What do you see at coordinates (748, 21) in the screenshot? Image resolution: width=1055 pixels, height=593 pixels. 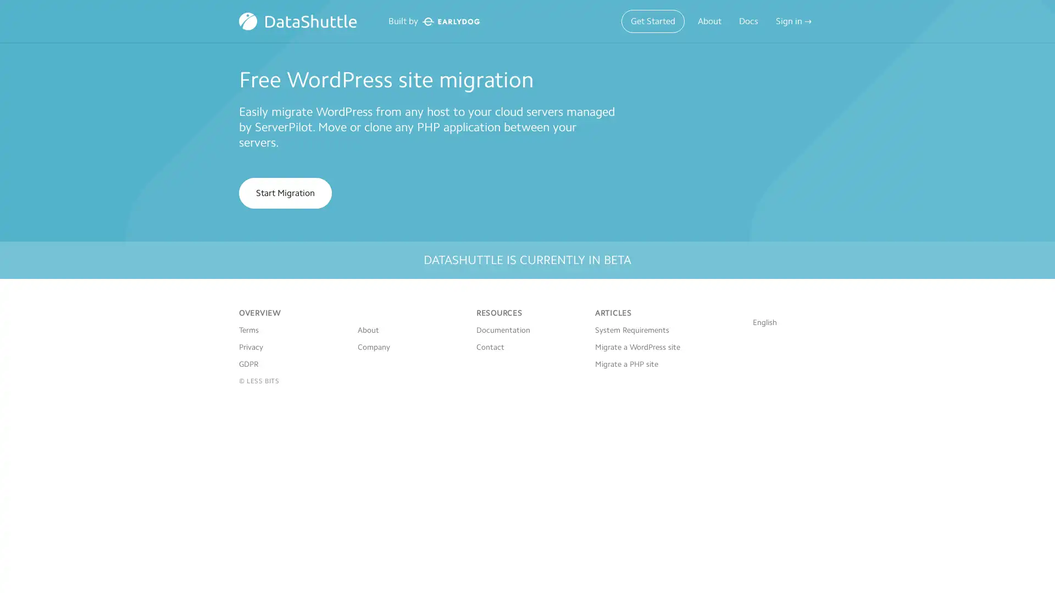 I see `Docs` at bounding box center [748, 21].